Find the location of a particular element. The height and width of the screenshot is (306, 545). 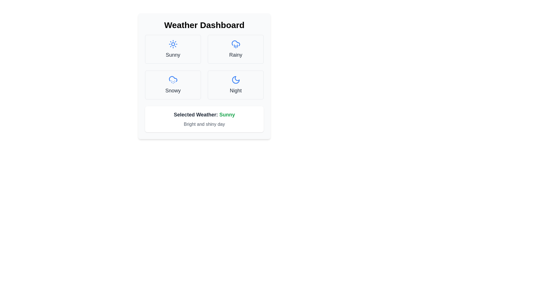

the crescent moon icon styled in blue located in the Night option of the Weather Dashboard interface is located at coordinates (236, 80).